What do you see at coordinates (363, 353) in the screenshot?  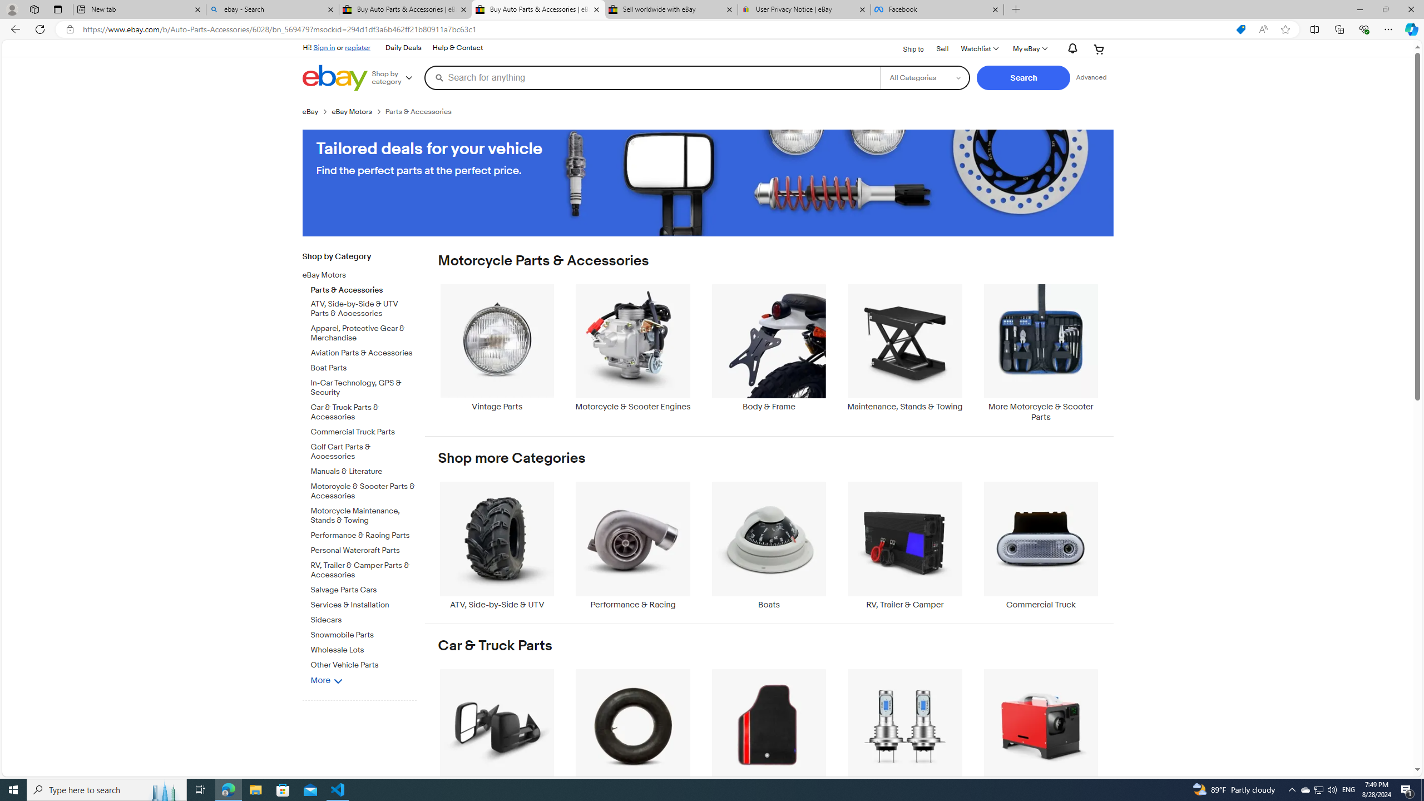 I see `'Aviation Parts & Accessories'` at bounding box center [363, 353].